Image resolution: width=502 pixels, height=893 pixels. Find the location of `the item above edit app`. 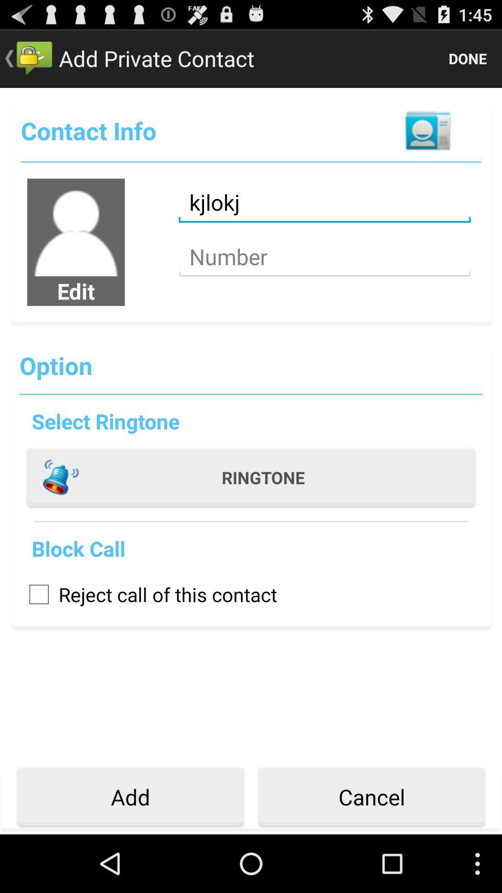

the item above edit app is located at coordinates (75, 227).